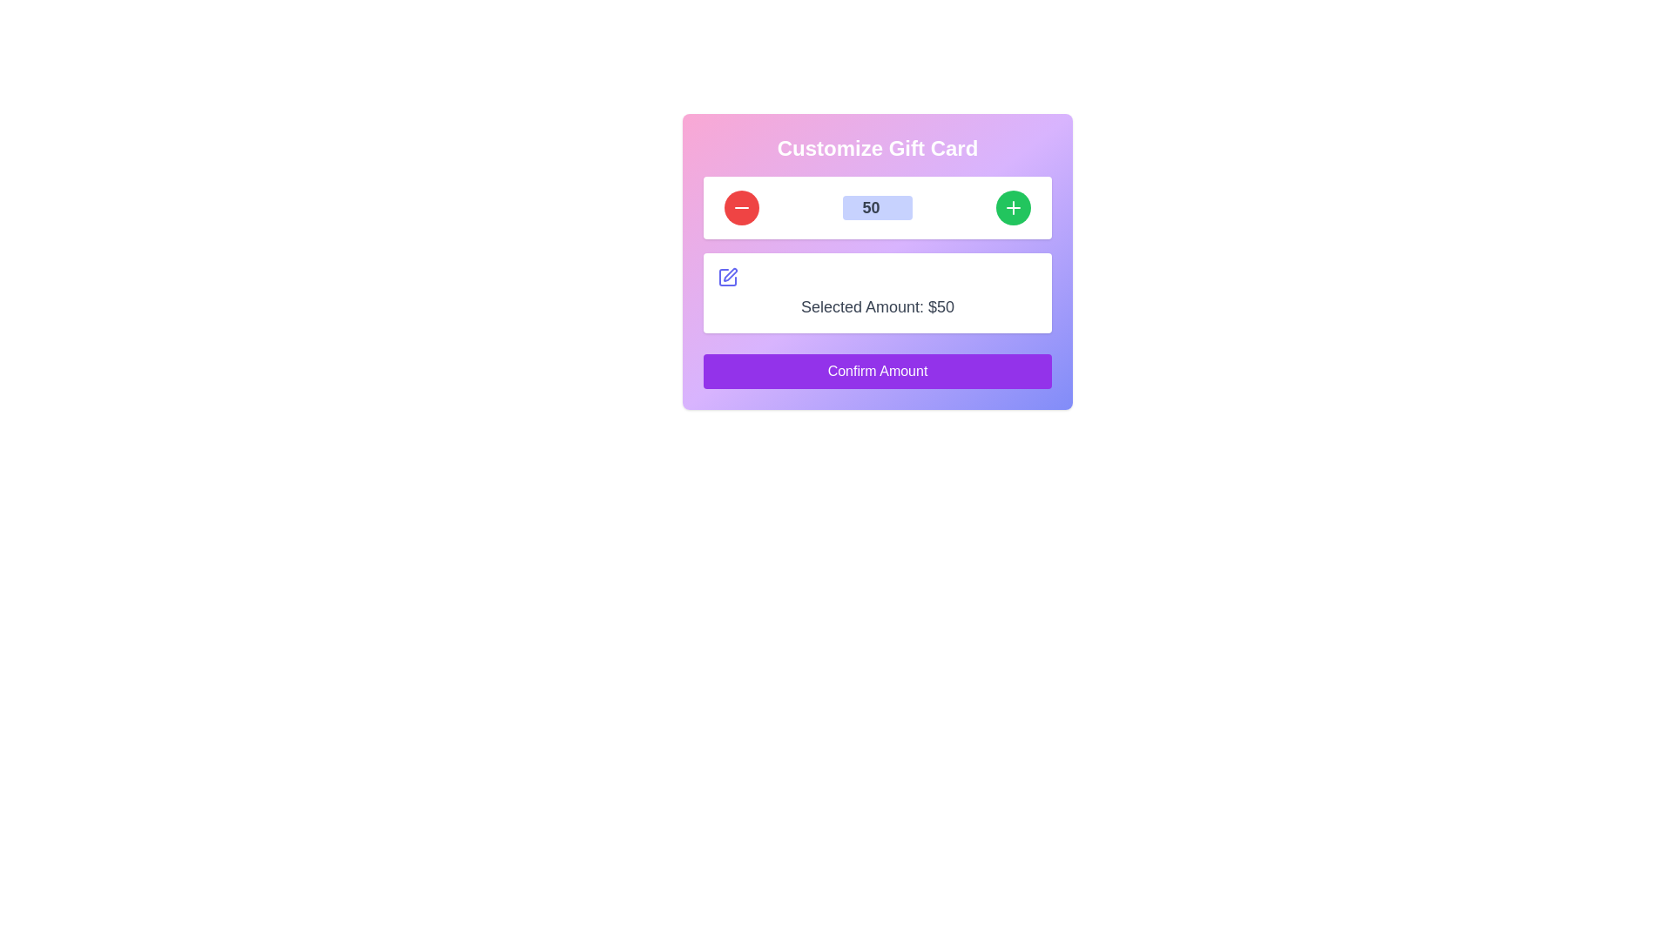 Image resolution: width=1672 pixels, height=940 pixels. I want to click on the edit icon located to the left of the 'Selected Amount: $50' text, so click(727, 277).